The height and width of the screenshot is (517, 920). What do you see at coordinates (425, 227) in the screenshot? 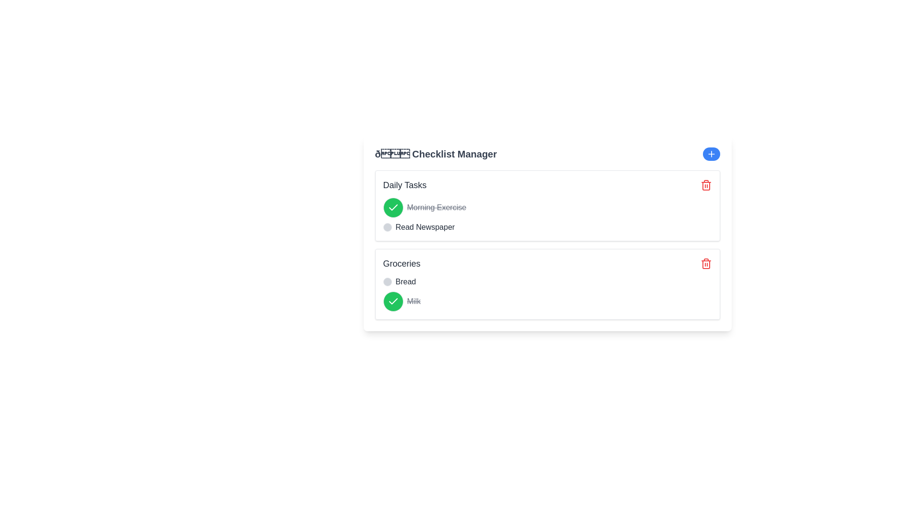
I see `the 'Read Newspaper' text label which indicates a task in a checklist beneath the 'Daily Tasks' title and adjacent to its circular icon` at bounding box center [425, 227].